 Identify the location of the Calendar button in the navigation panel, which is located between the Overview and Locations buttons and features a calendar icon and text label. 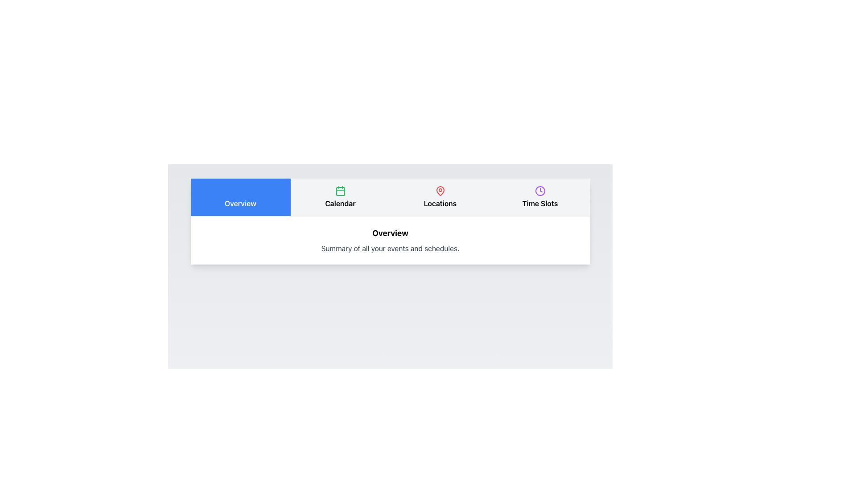
(340, 197).